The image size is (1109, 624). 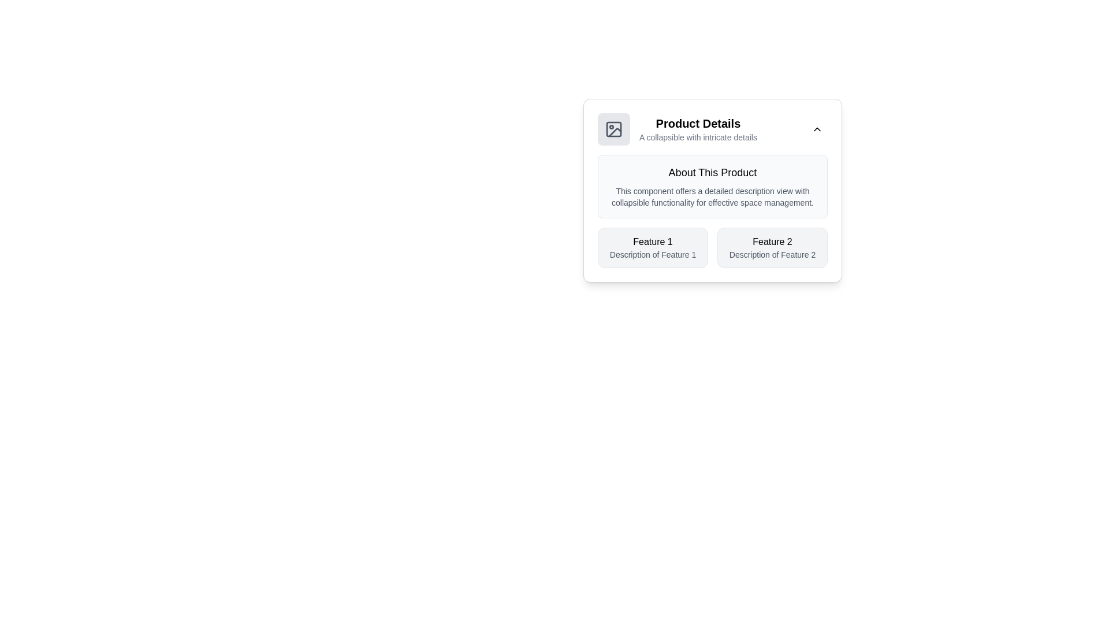 I want to click on text element providing supplementary details for 'Feature 1' located directly below the 'Feature 1' heading, to gather further information, so click(x=653, y=254).